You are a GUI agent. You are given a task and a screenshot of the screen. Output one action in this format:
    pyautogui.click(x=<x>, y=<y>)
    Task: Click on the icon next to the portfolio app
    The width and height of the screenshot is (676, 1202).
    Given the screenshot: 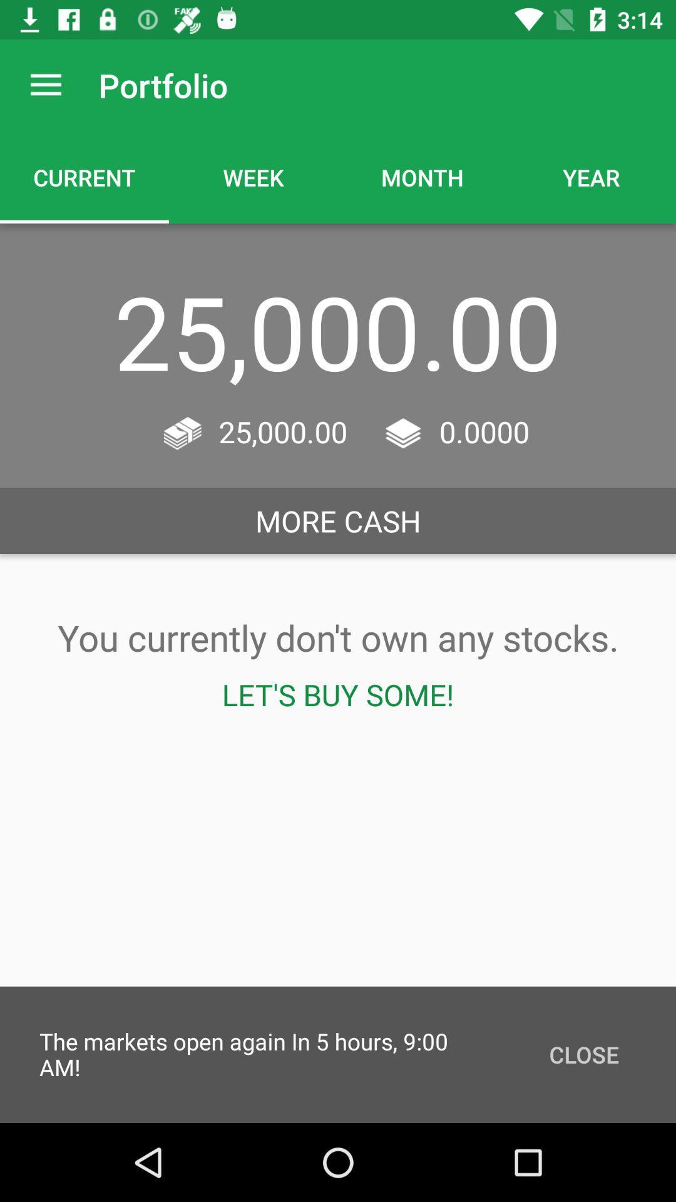 What is the action you would take?
    pyautogui.click(x=45, y=85)
    